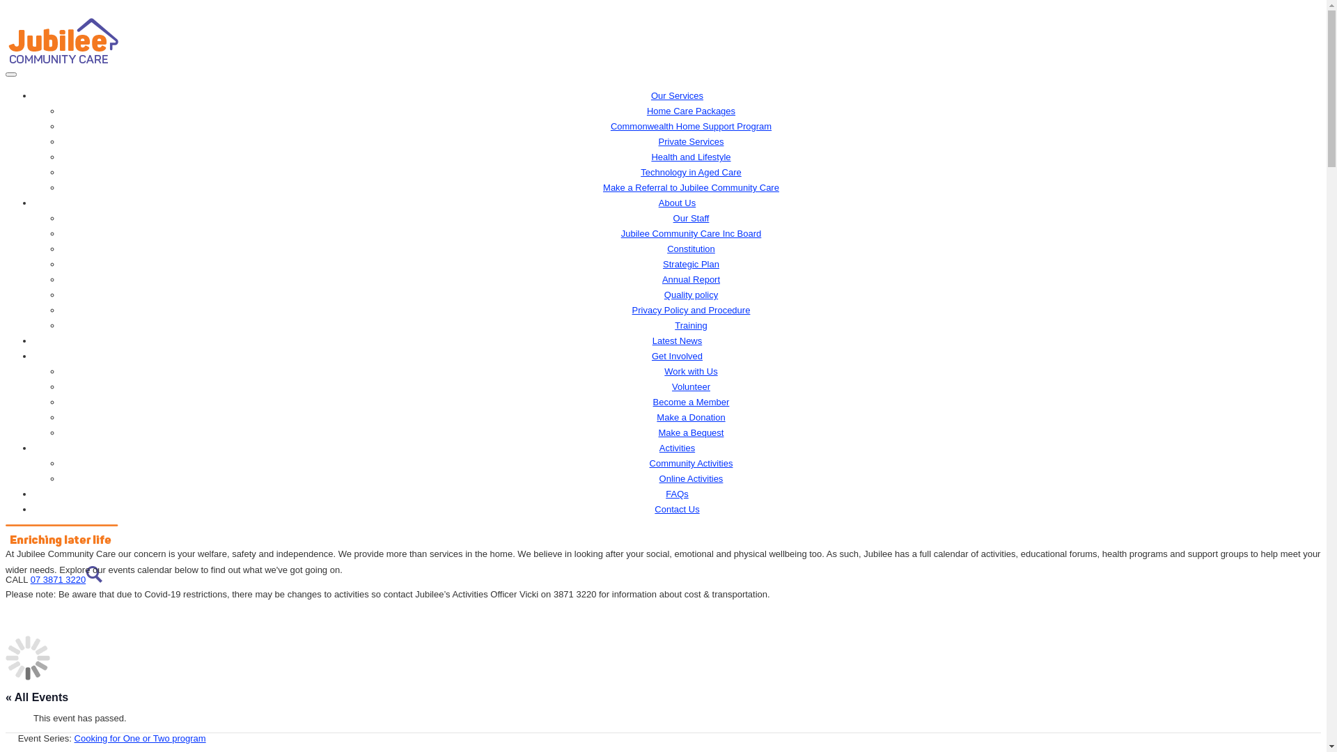 The image size is (1337, 752). What do you see at coordinates (691, 248) in the screenshot?
I see `'Constitution'` at bounding box center [691, 248].